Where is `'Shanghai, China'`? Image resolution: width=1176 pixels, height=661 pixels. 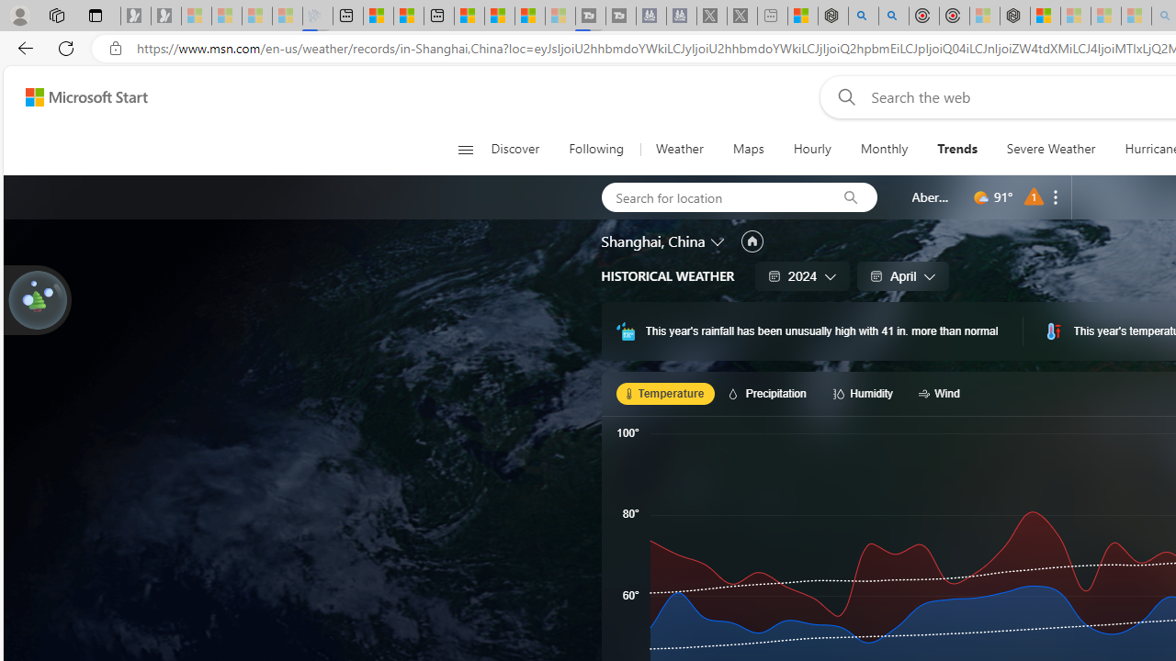
'Shanghai, China' is located at coordinates (653, 241).